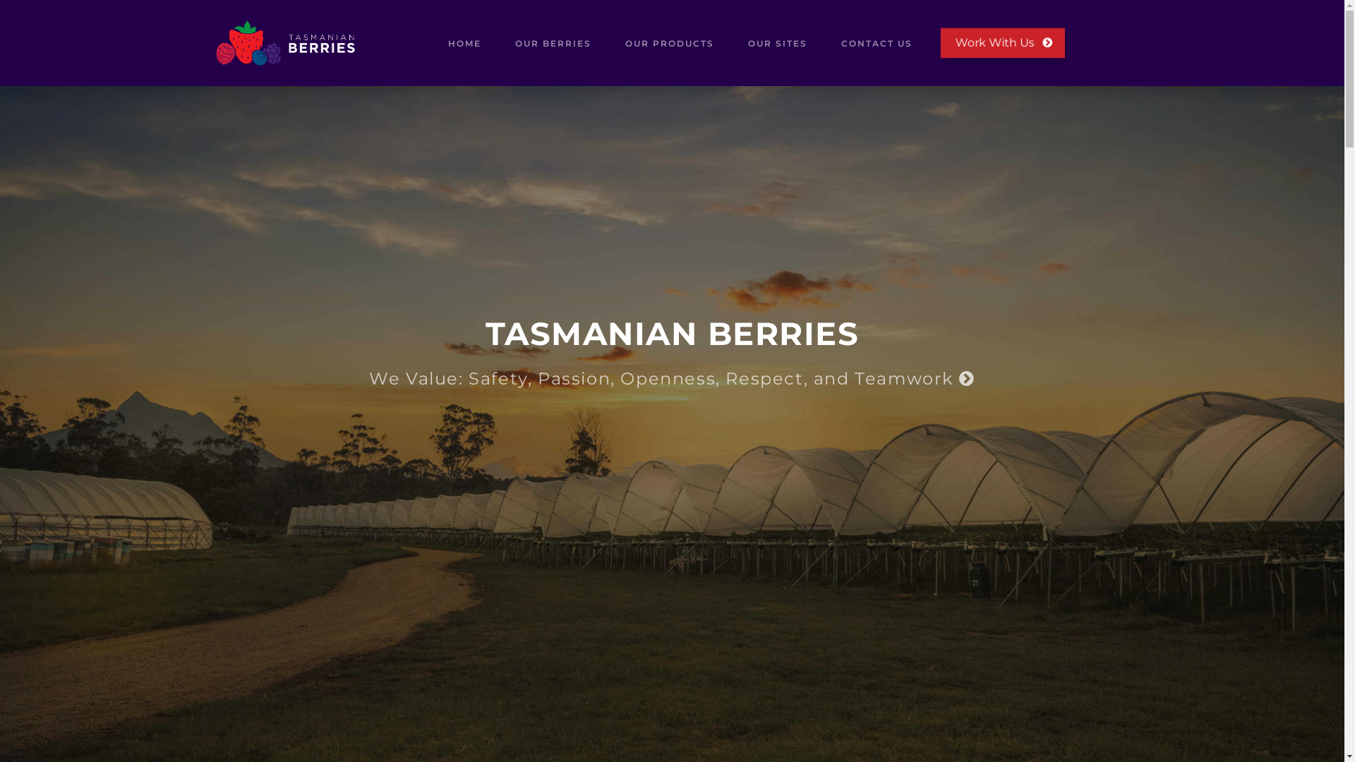 The width and height of the screenshot is (1355, 762). Describe the element at coordinates (669, 42) in the screenshot. I see `'OUR PRODUCTS'` at that location.